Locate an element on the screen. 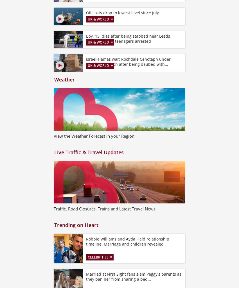  'View the Weather Forecast in your Region' is located at coordinates (94, 135).